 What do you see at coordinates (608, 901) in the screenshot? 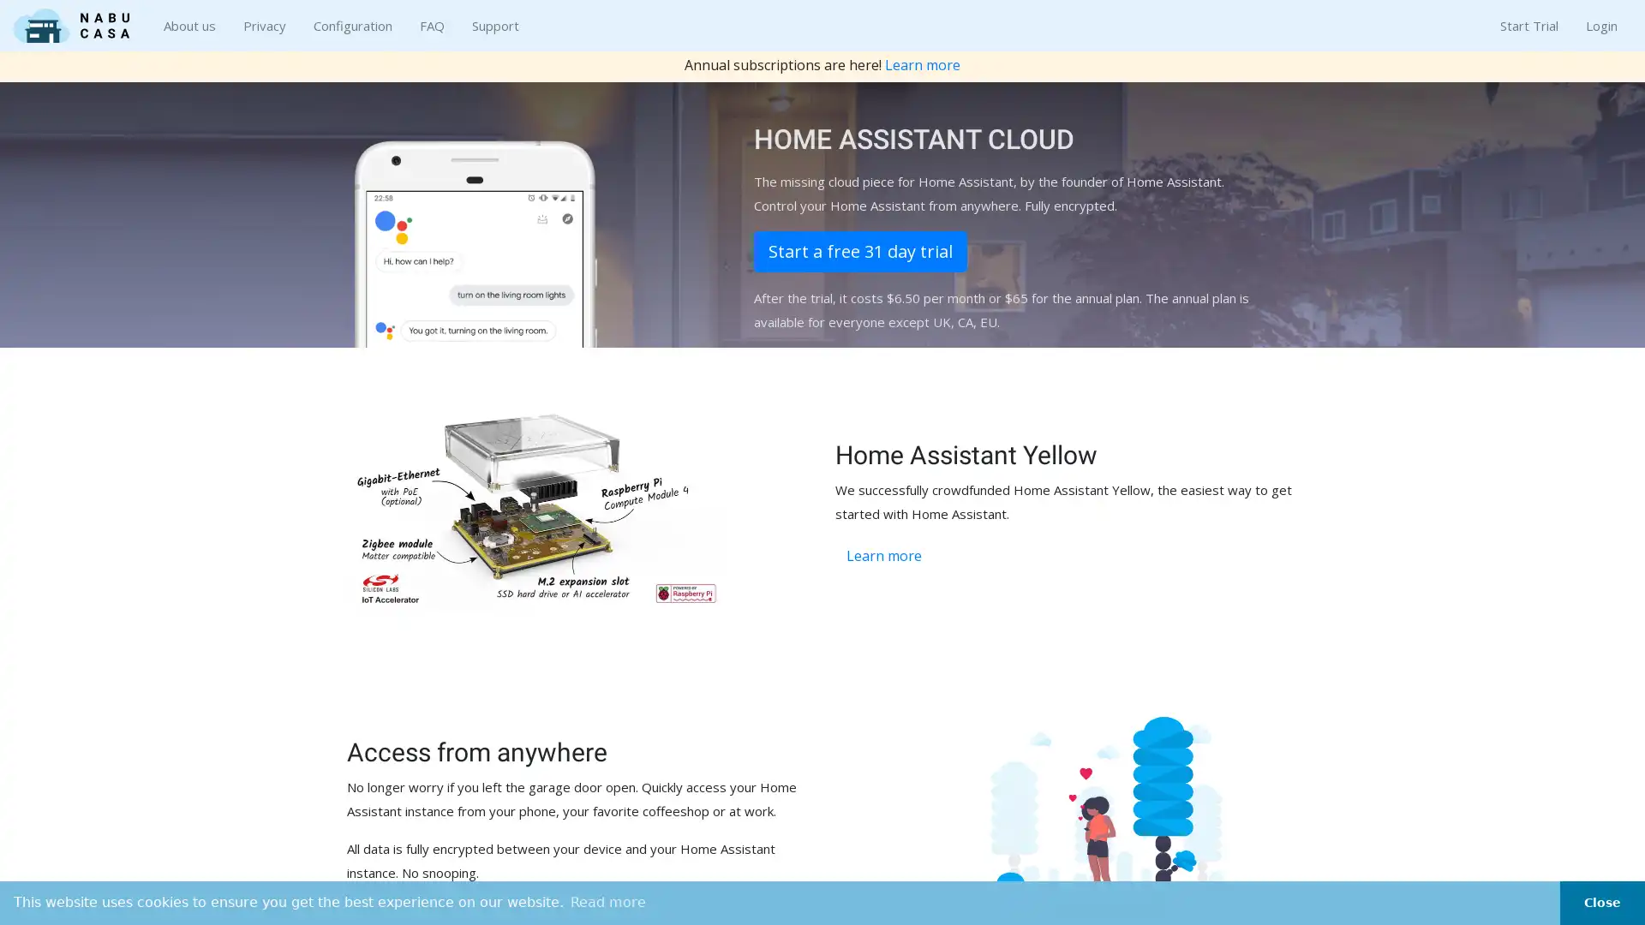
I see `learn more about cookies` at bounding box center [608, 901].